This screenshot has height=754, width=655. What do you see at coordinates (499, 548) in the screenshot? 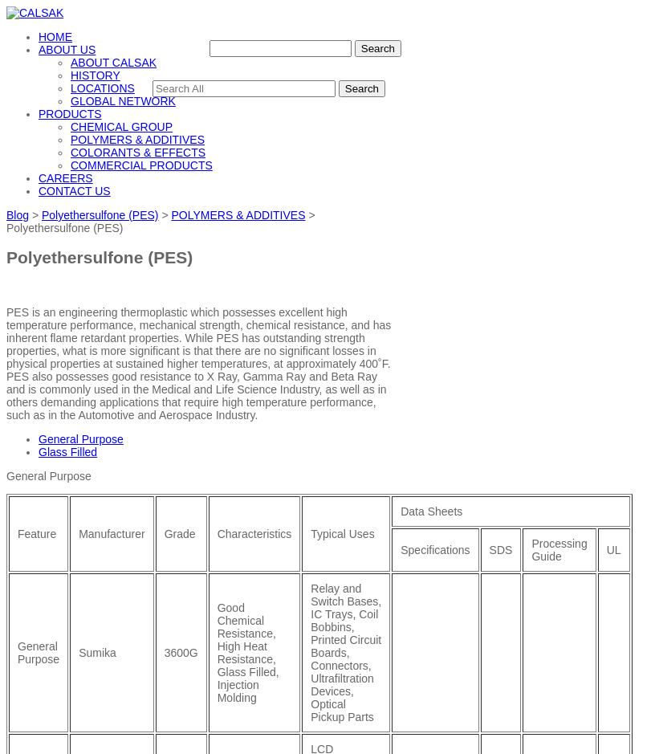
I see `'SDS'` at bounding box center [499, 548].